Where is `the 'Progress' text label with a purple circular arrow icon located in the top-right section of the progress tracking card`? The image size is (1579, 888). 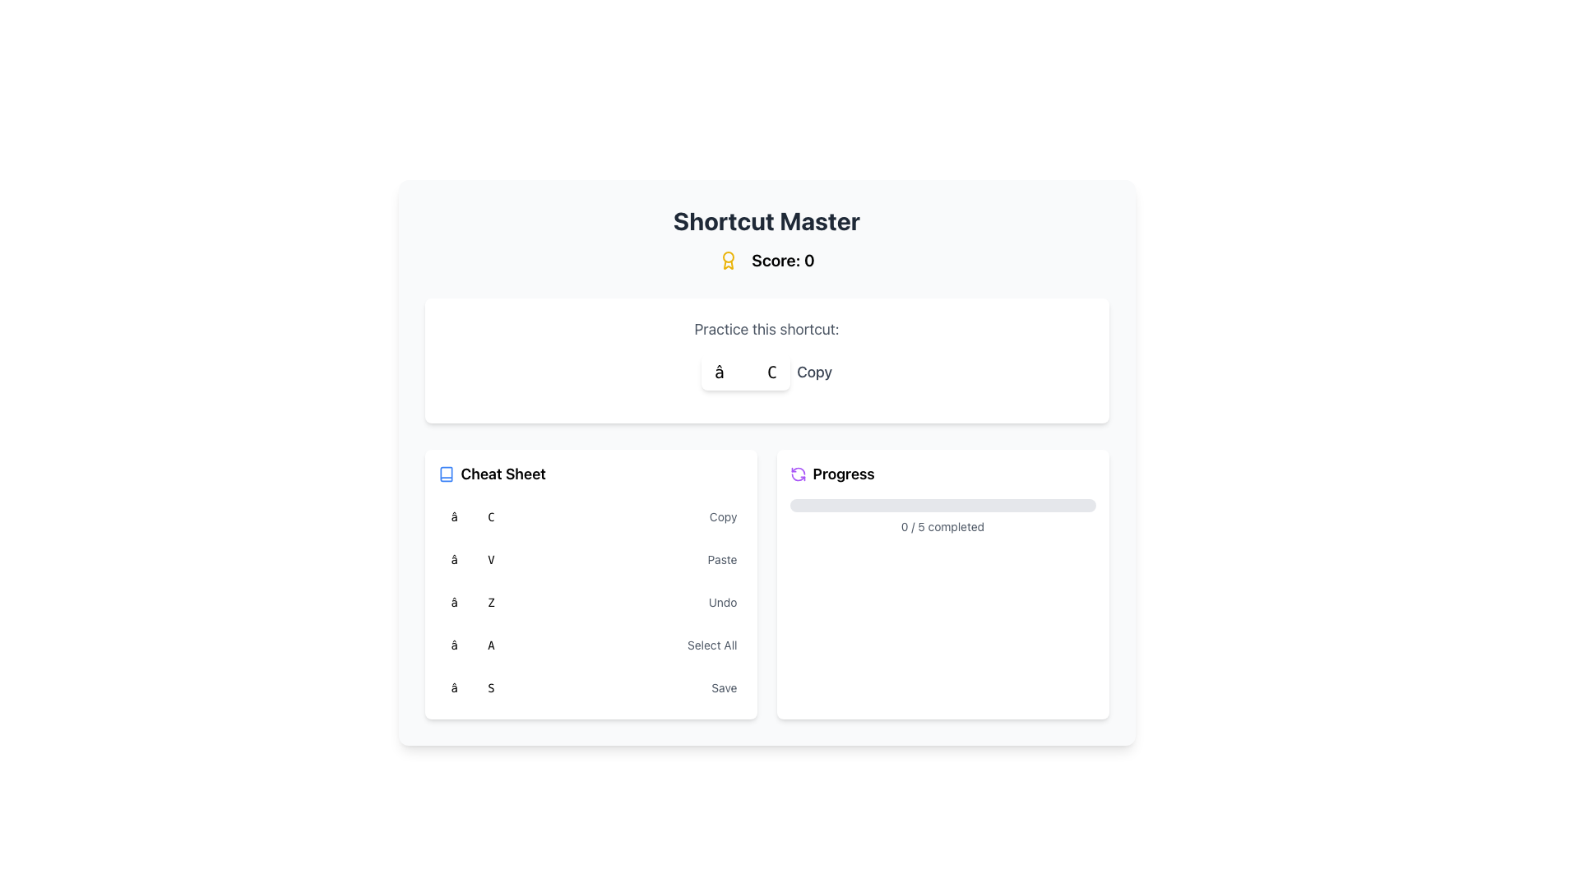 the 'Progress' text label with a purple circular arrow icon located in the top-right section of the progress tracking card is located at coordinates (832, 474).